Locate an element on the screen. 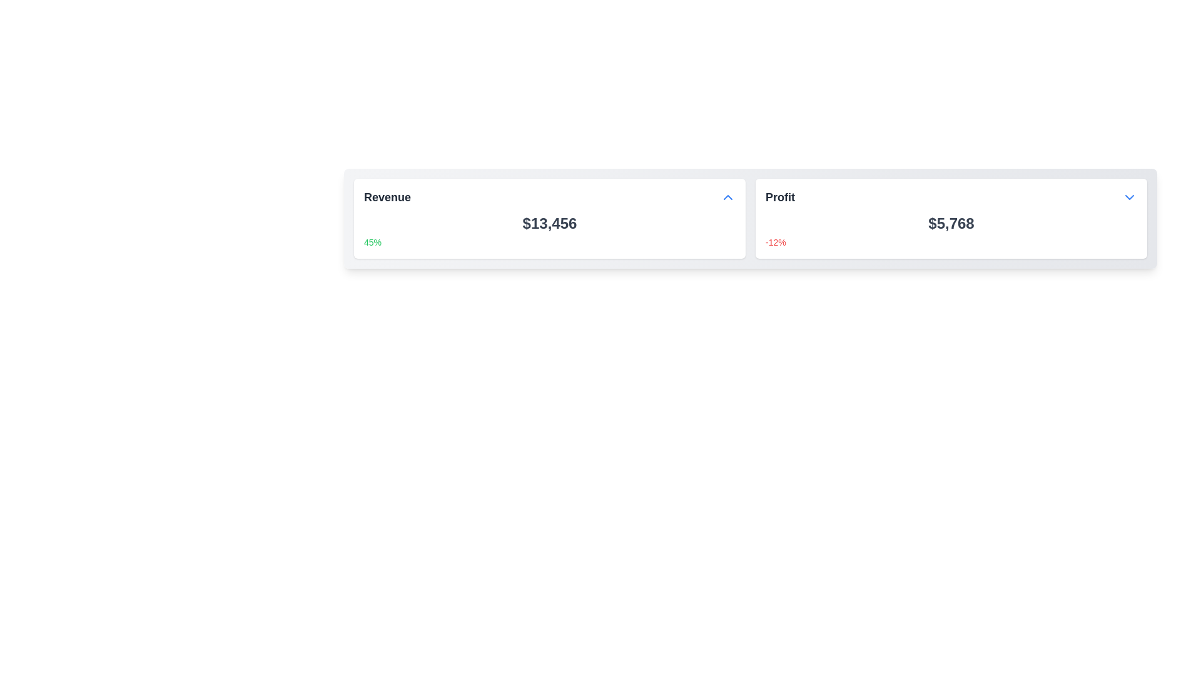  the chevron icon located on the right side of the 'Profit' section, next to the text '$5,768' is located at coordinates (1129, 197).